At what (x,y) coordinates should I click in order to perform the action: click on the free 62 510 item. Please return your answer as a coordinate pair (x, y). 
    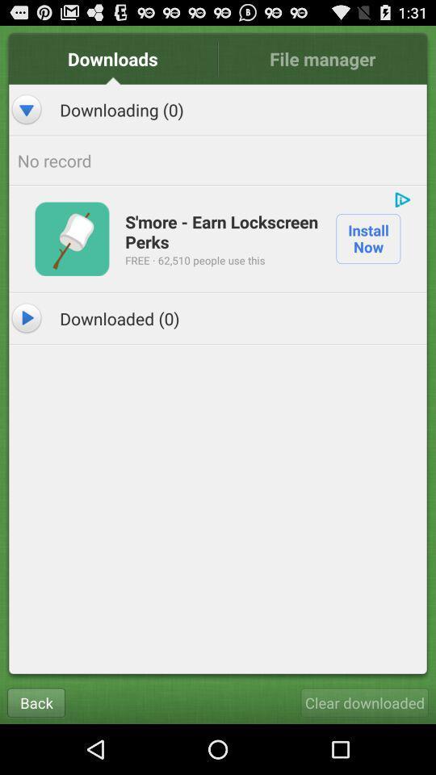
    Looking at the image, I should click on (195, 260).